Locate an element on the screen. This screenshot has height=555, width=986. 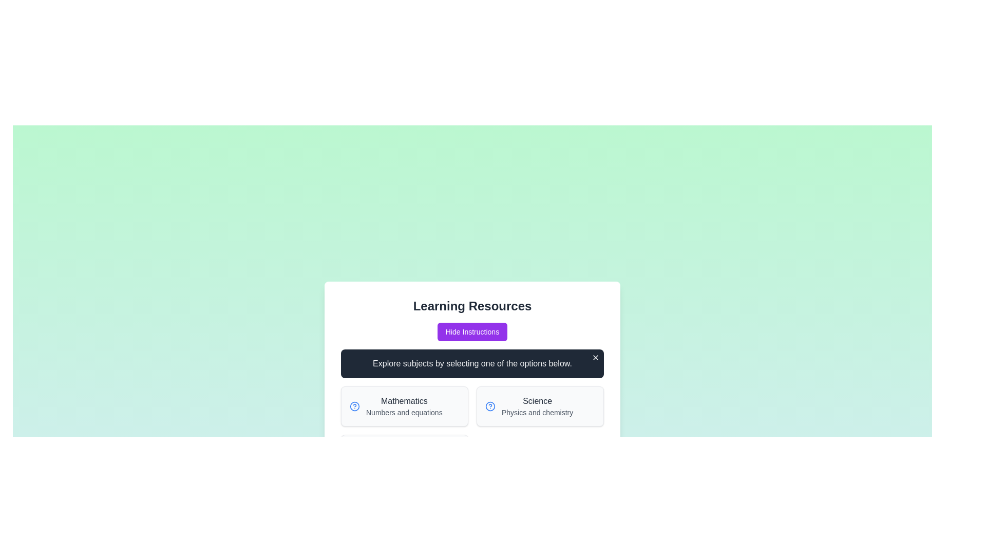
the close button located at the top-right corner of the instructional panel to change its color is located at coordinates (596, 357).